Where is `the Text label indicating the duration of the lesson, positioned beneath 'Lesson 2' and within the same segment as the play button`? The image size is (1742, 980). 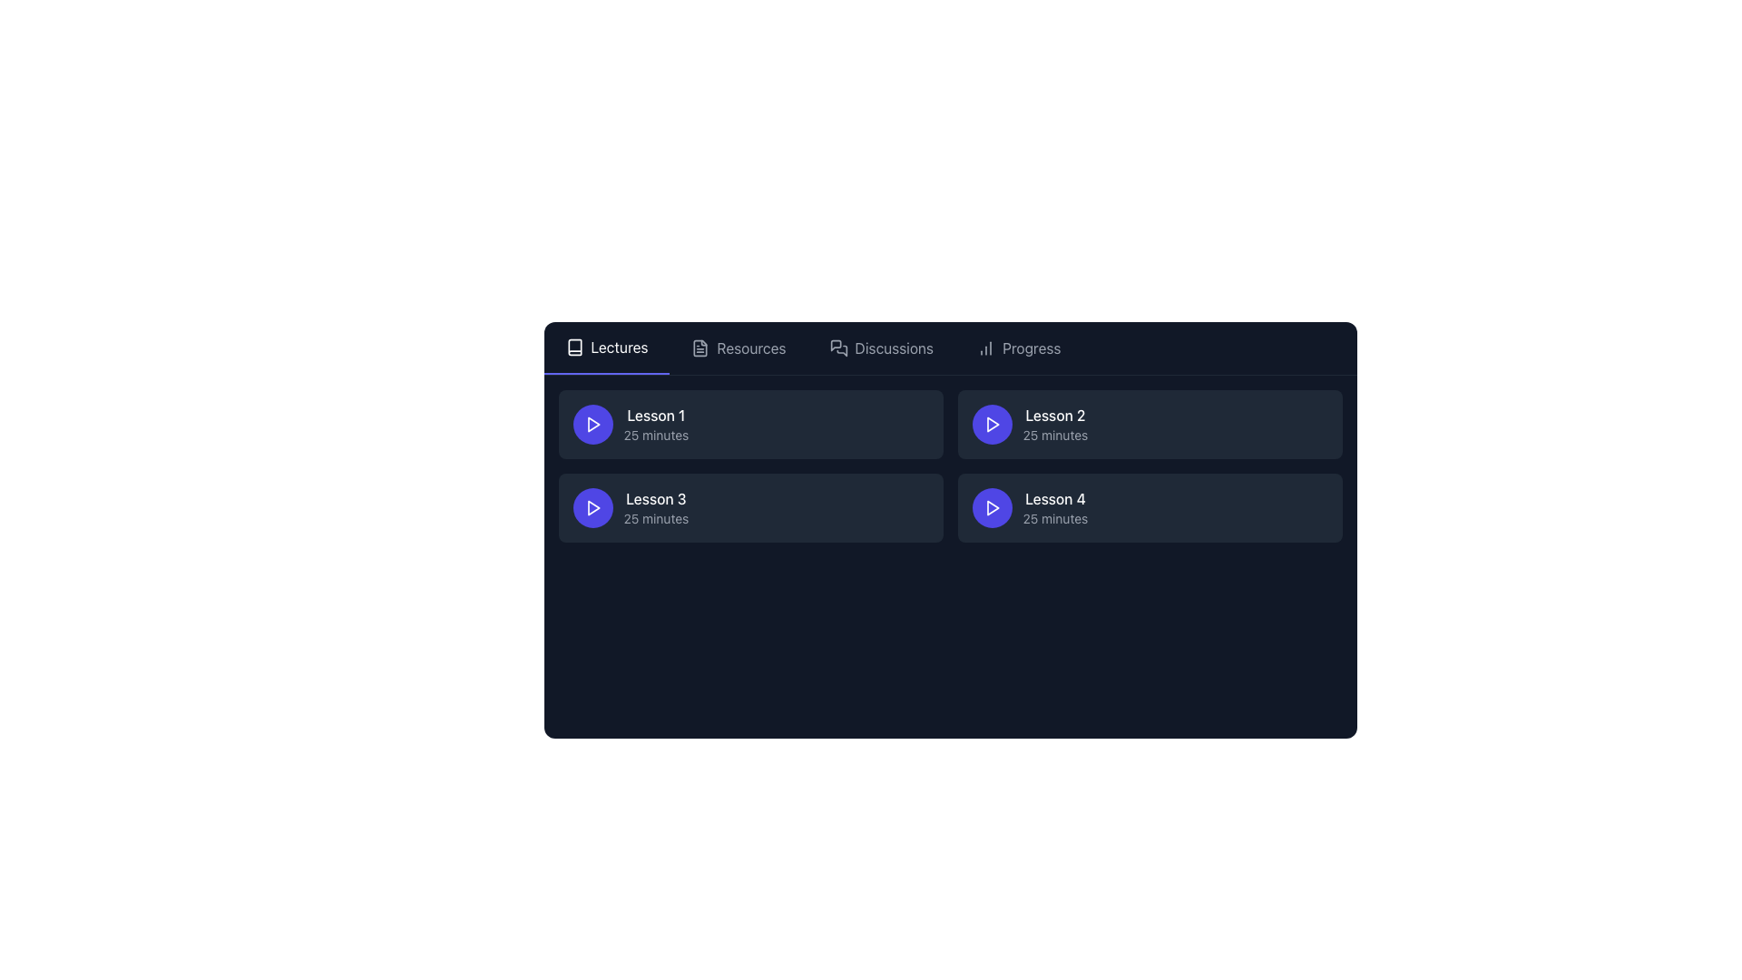
the Text label indicating the duration of the lesson, positioned beneath 'Lesson 2' and within the same segment as the play button is located at coordinates (1055, 435).